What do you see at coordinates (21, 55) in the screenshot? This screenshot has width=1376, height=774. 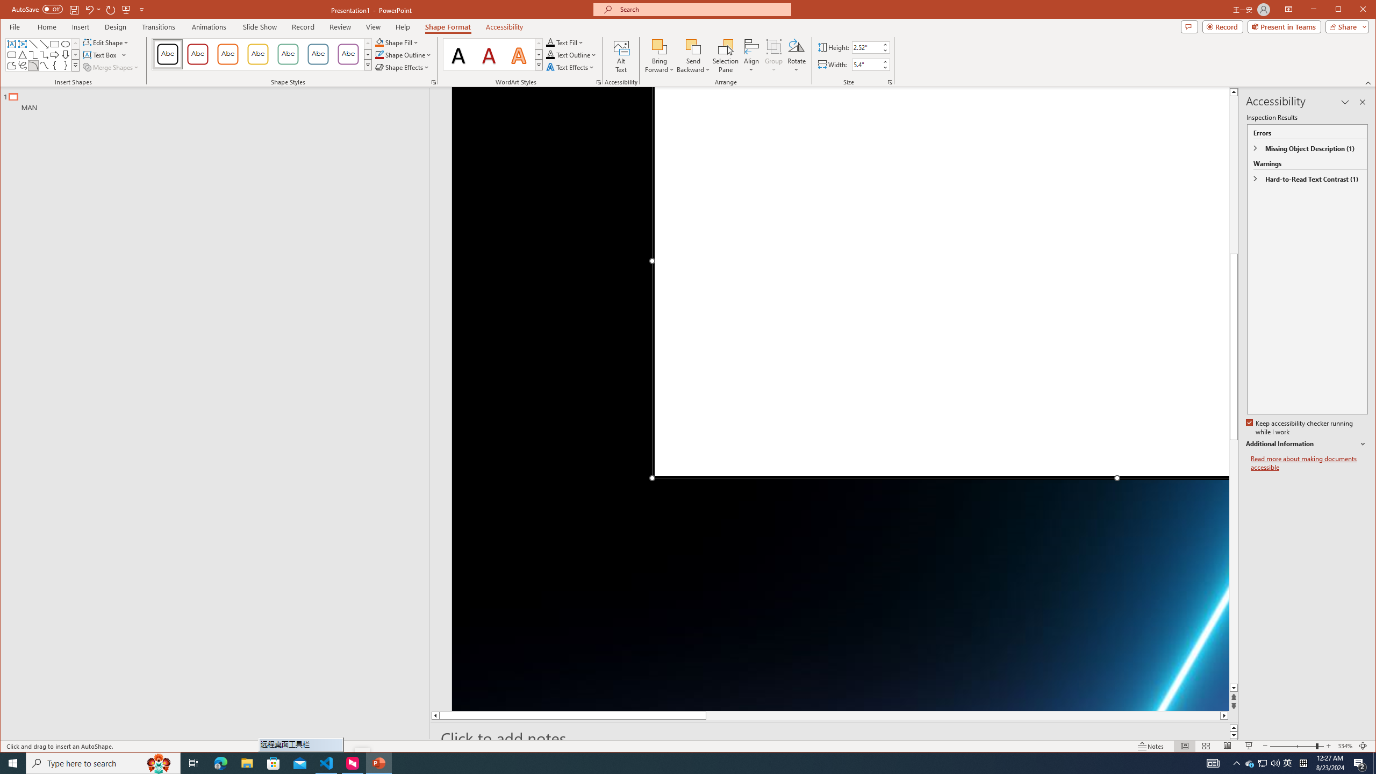 I see `'Isosceles Triangle'` at bounding box center [21, 55].